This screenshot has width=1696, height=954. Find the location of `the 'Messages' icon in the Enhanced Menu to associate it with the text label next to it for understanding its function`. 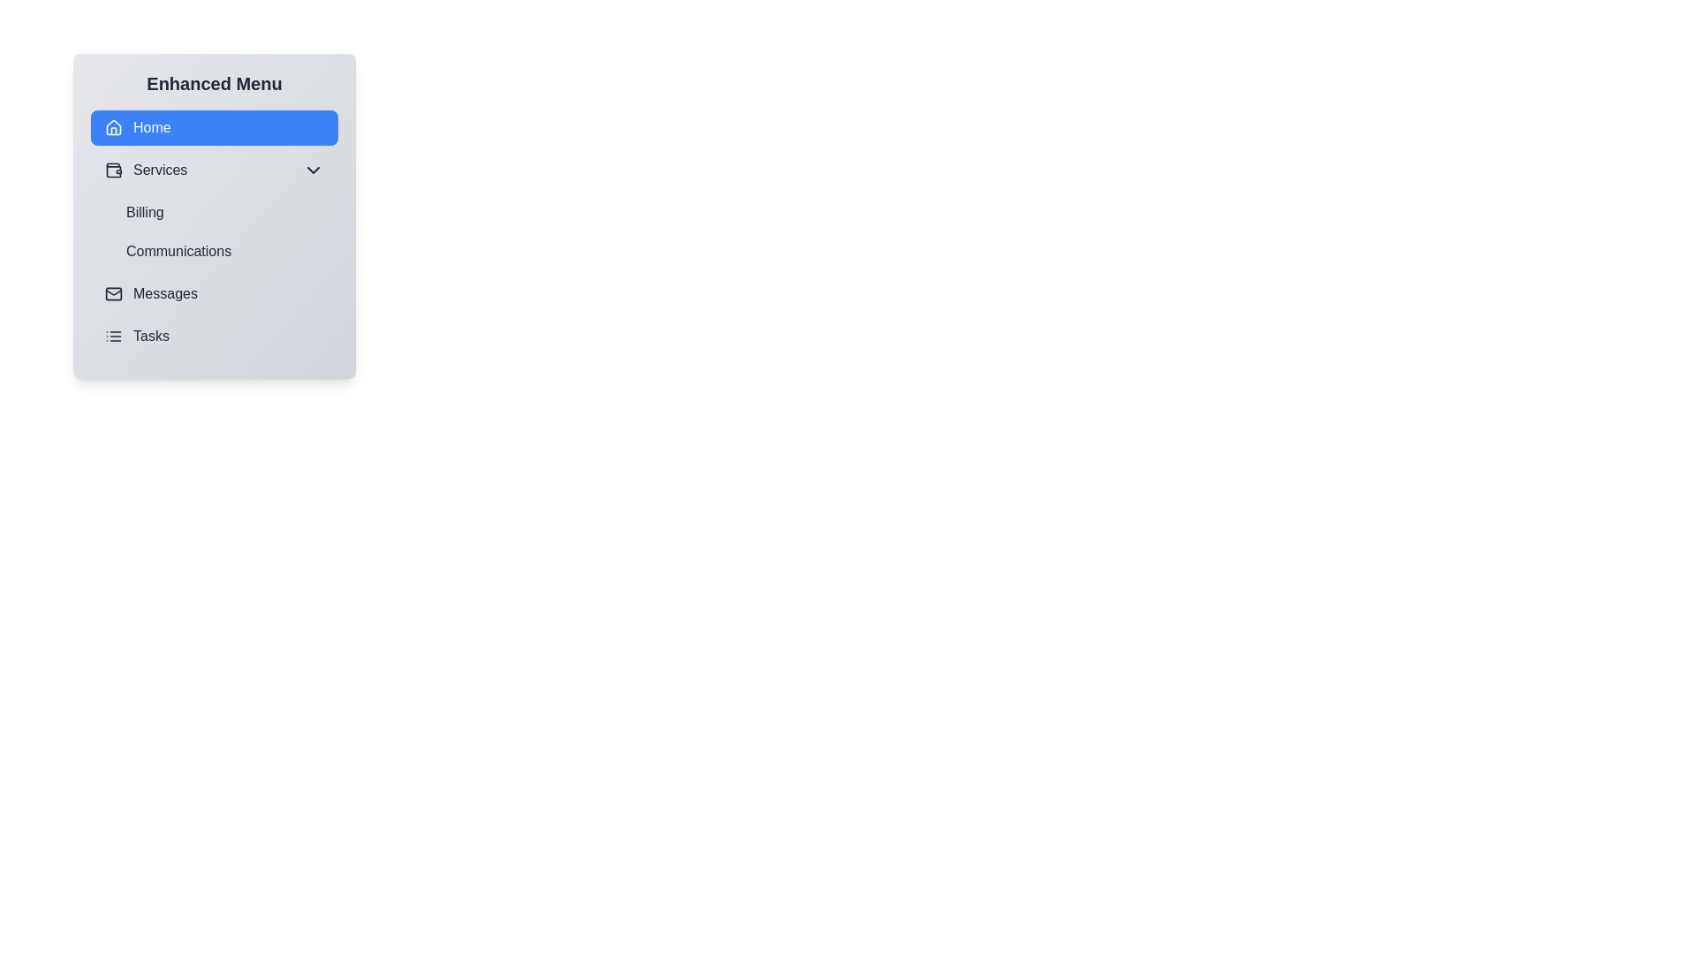

the 'Messages' icon in the Enhanced Menu to associate it with the text label next to it for understanding its function is located at coordinates (113, 292).